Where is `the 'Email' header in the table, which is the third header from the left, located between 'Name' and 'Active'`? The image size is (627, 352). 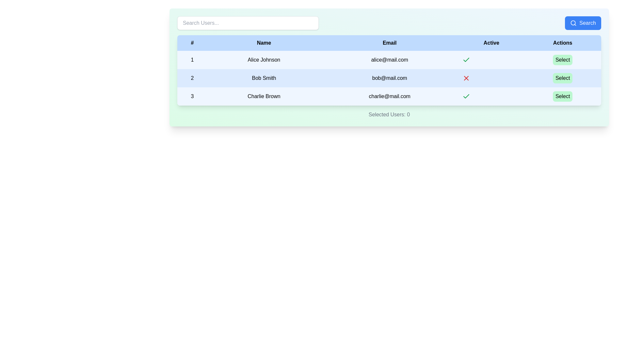
the 'Email' header in the table, which is the third header from the left, located between 'Name' and 'Active' is located at coordinates (390, 43).